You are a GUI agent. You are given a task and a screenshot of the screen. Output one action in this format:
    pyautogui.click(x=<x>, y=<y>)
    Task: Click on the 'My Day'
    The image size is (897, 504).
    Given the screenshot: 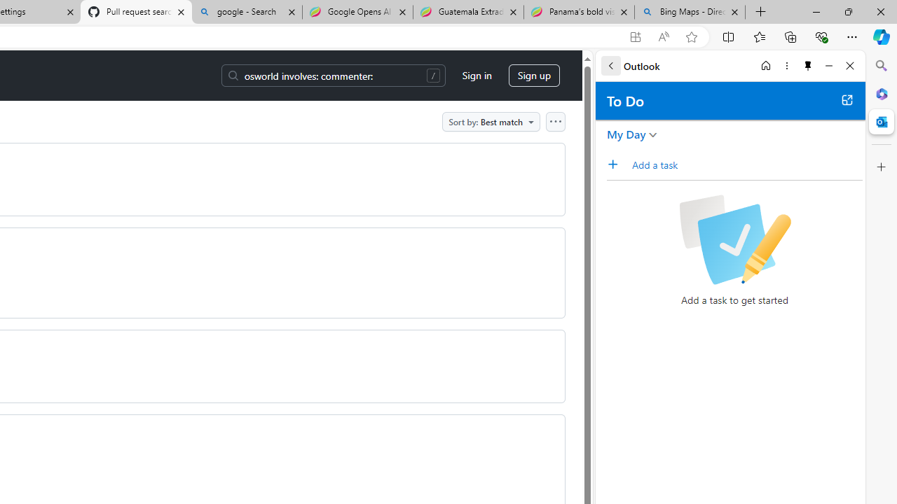 What is the action you would take?
    pyautogui.click(x=626, y=134)
    